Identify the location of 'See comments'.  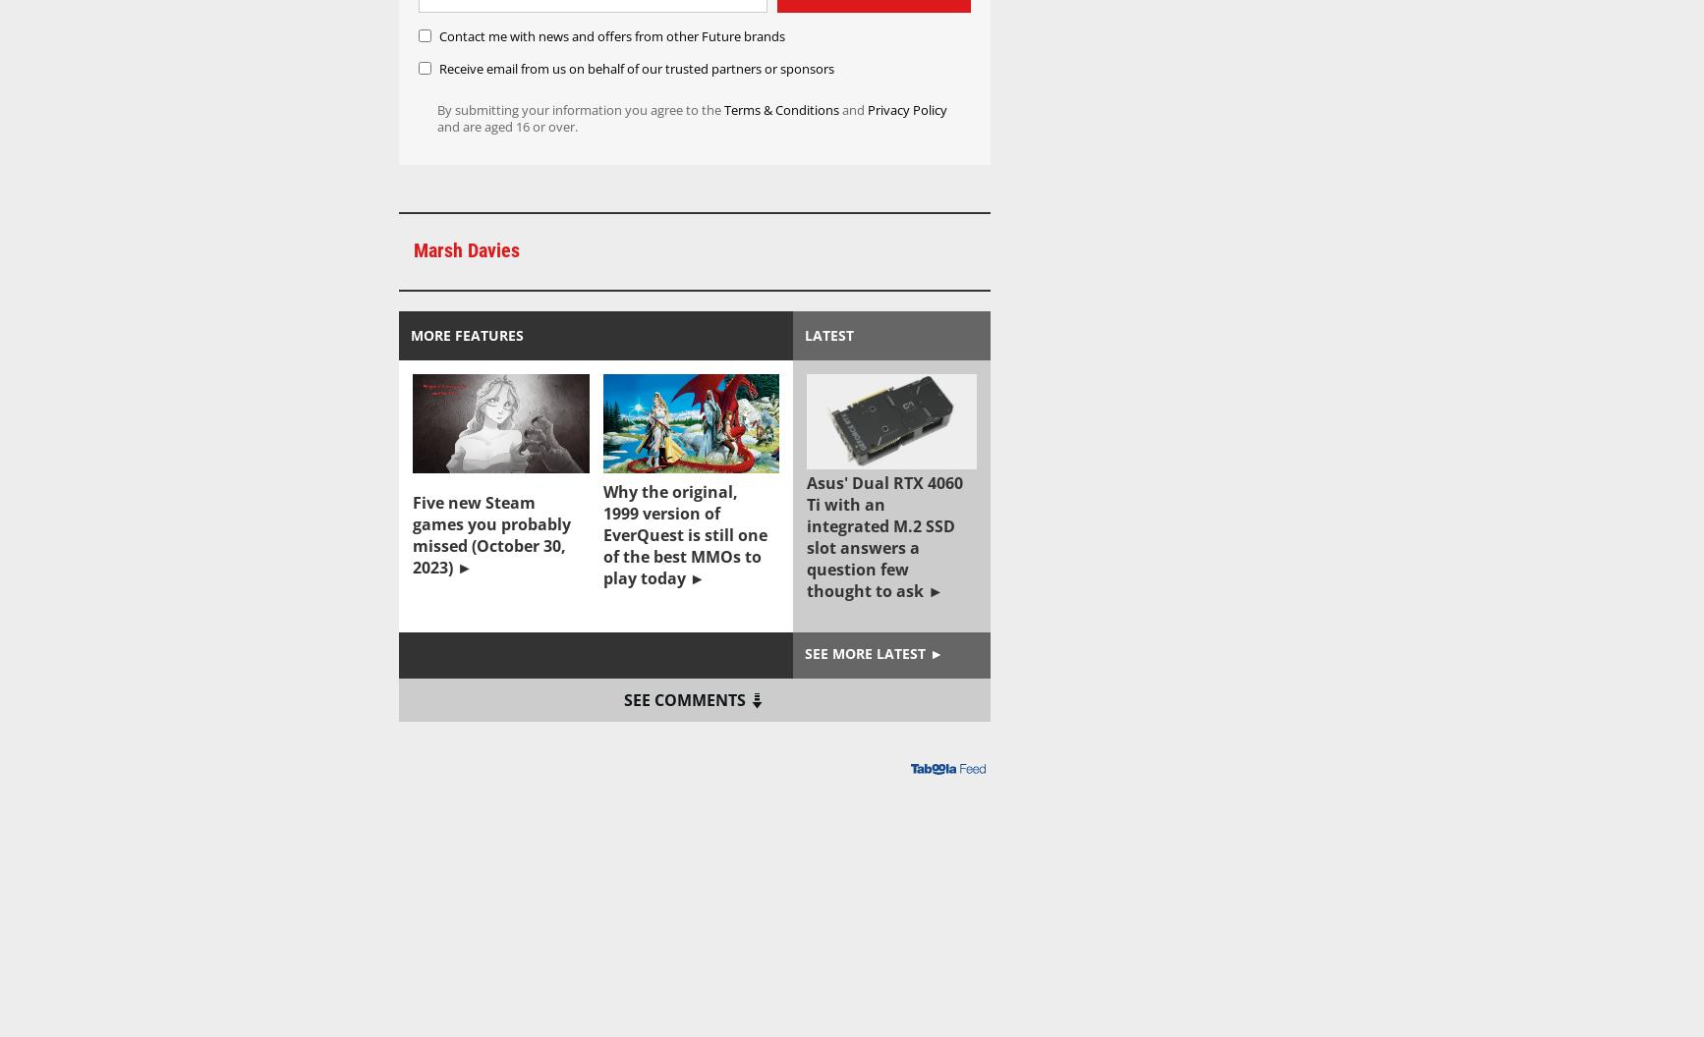
(684, 700).